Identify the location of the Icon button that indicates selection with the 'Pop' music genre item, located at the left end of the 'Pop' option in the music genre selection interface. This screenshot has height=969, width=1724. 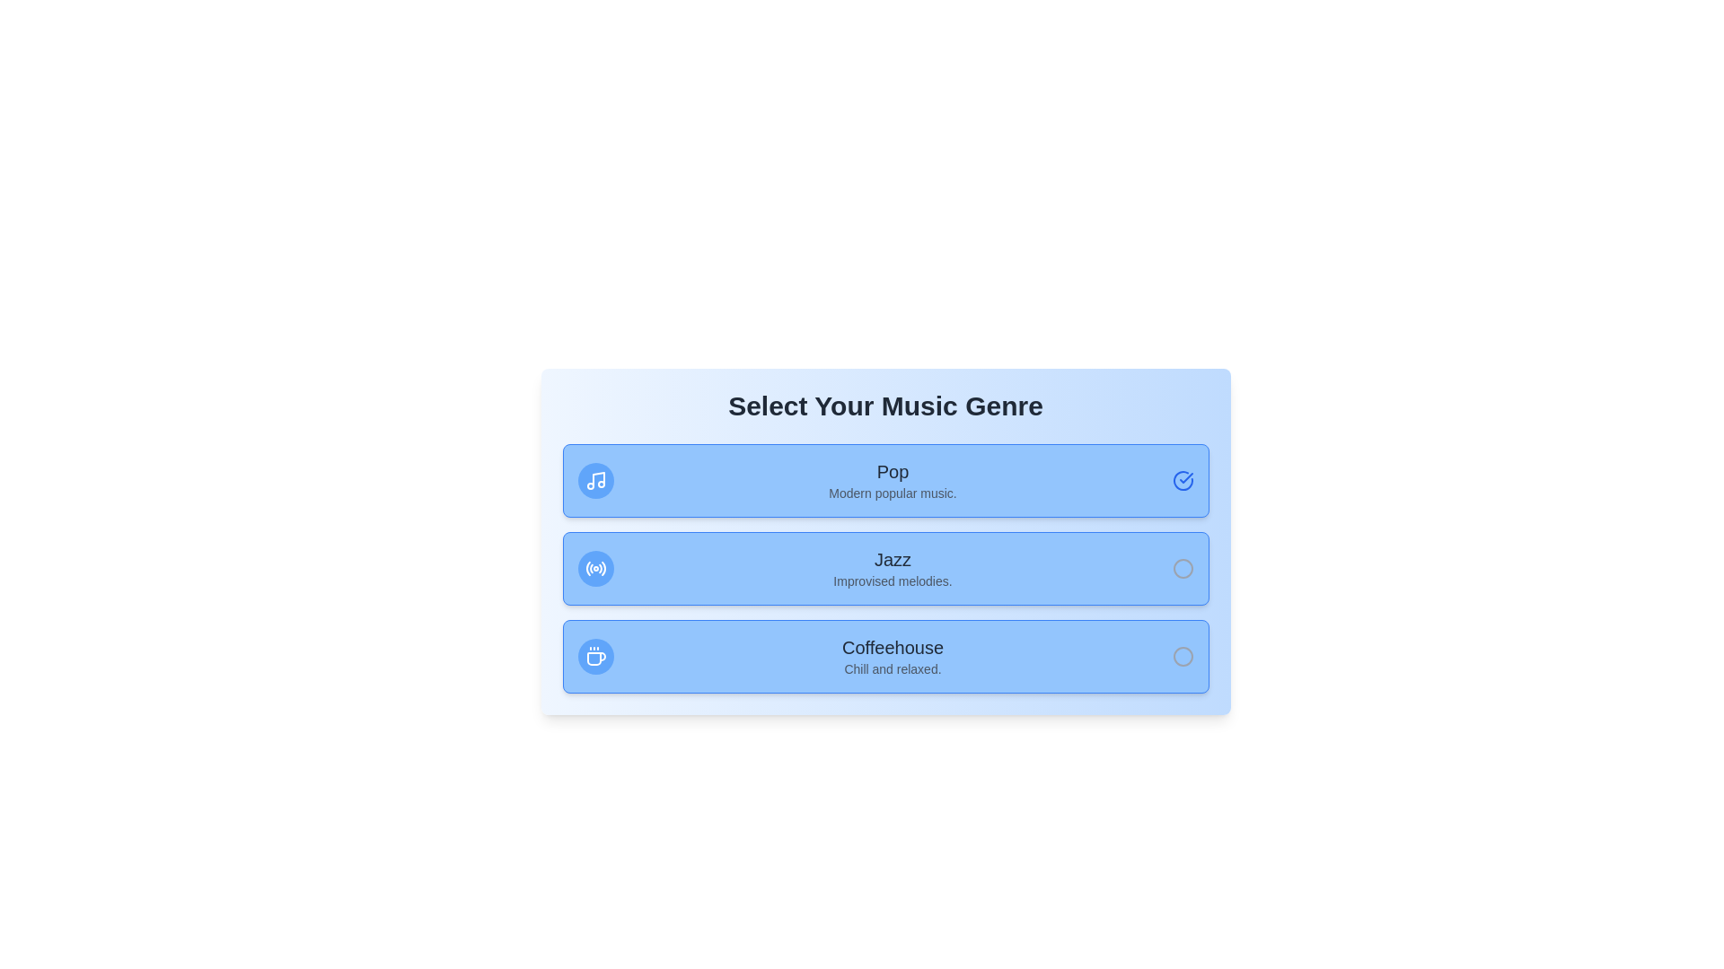
(595, 480).